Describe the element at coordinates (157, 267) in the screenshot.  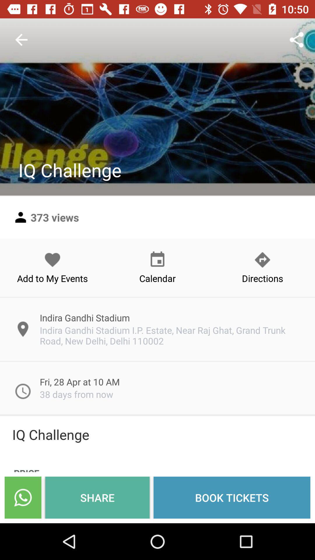
I see `calendar icon` at that location.